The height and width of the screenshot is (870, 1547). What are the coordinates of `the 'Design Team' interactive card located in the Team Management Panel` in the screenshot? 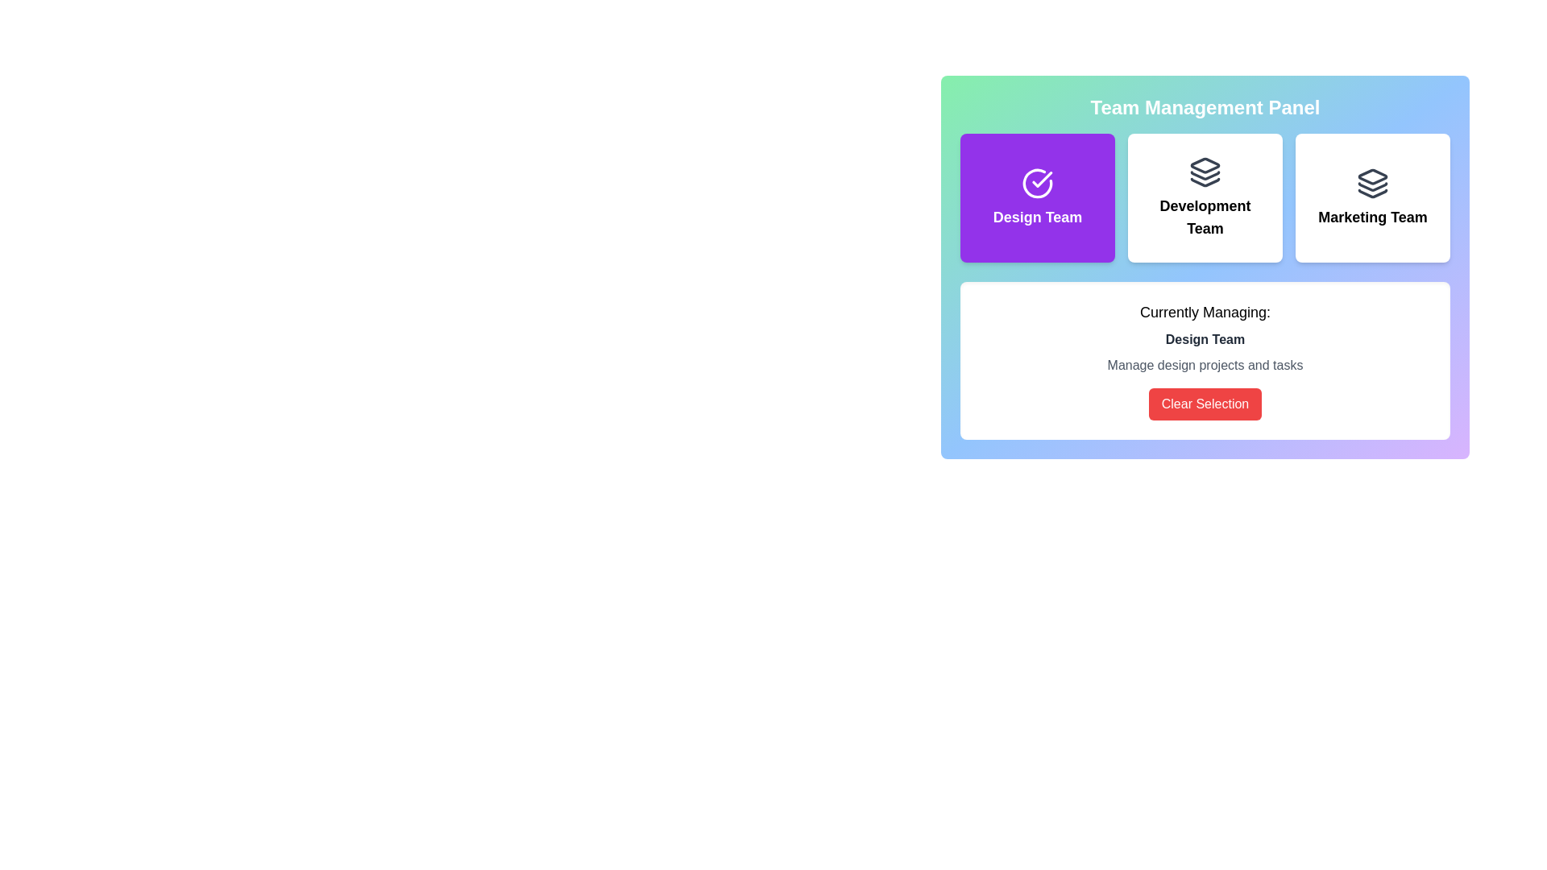 It's located at (1037, 197).